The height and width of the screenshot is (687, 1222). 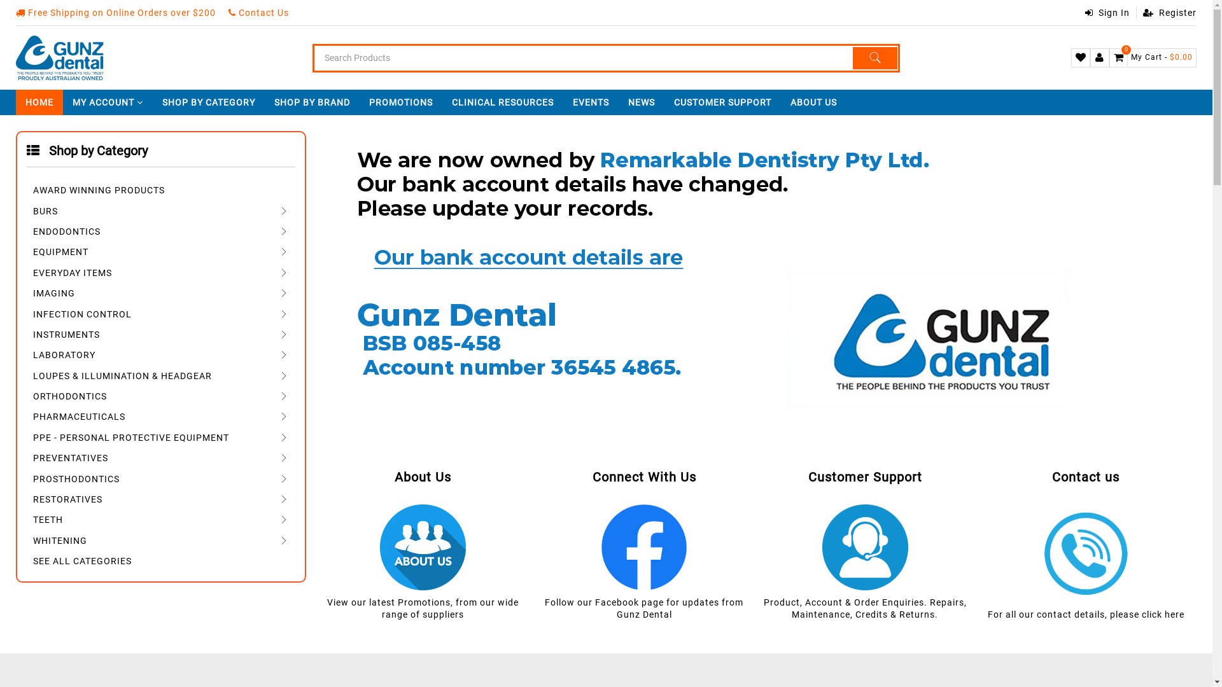 What do you see at coordinates (27, 375) in the screenshot?
I see `'LOUPES & ILLUMINATION & HEADGEAR'` at bounding box center [27, 375].